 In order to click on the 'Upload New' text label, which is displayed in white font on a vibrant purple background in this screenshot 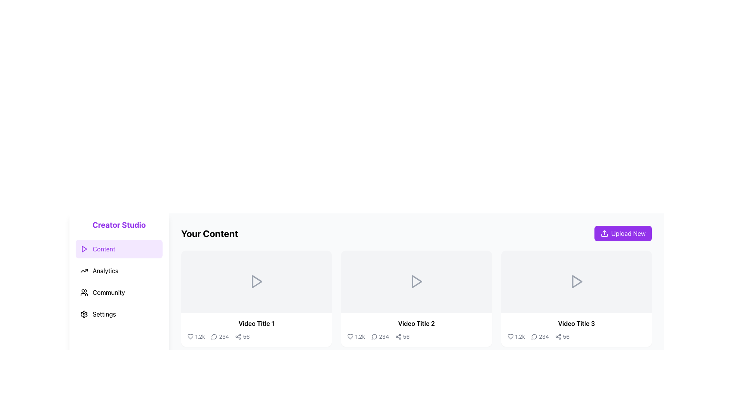, I will do `click(628, 233)`.